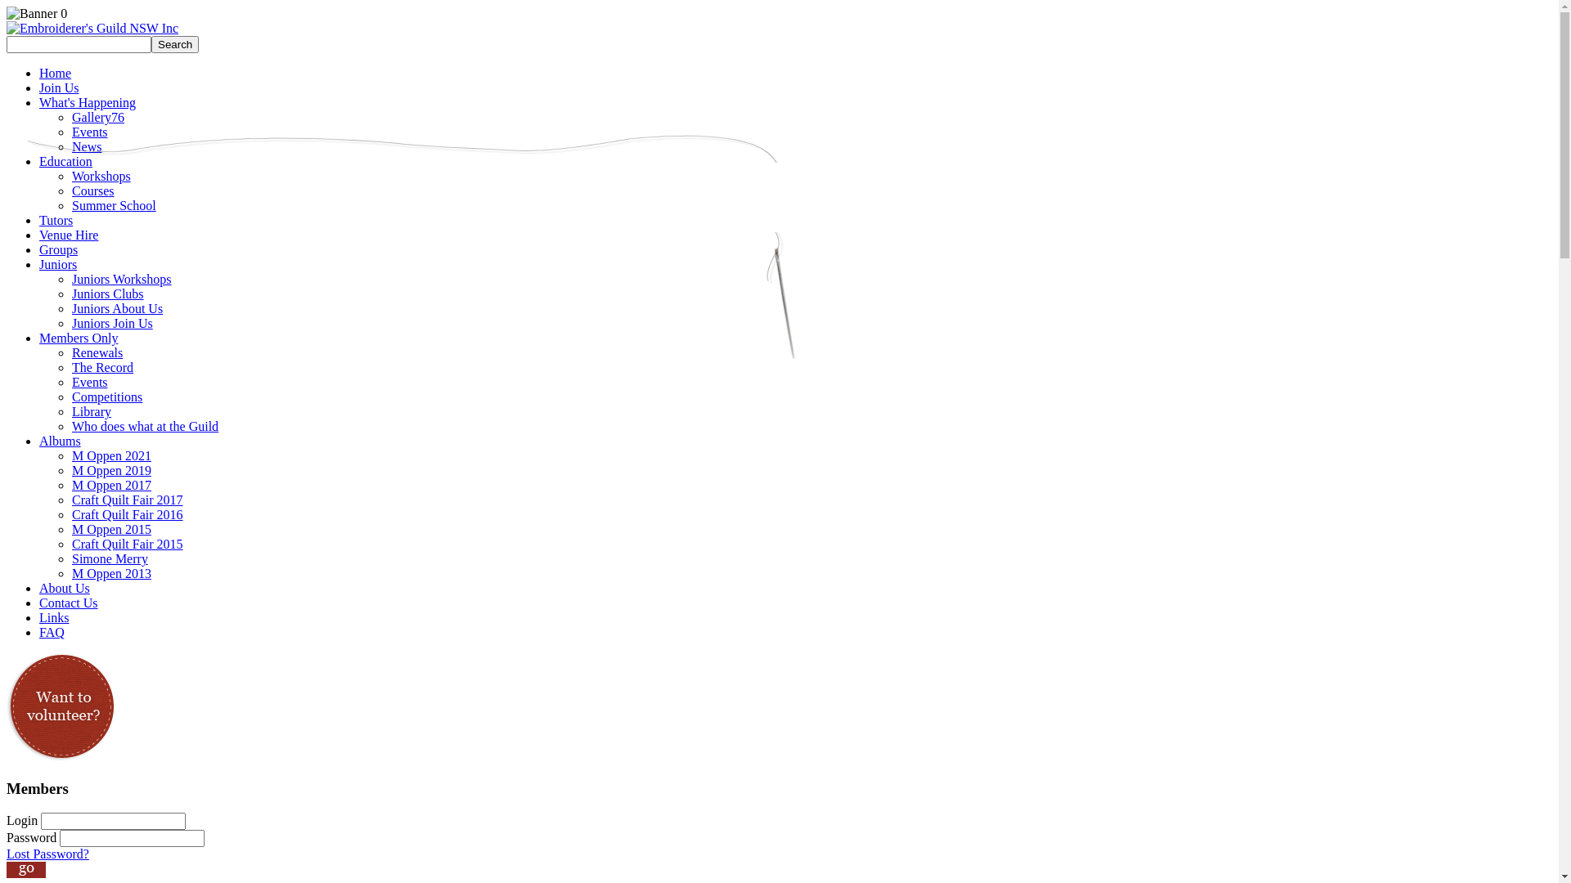 This screenshot has width=1571, height=883. Describe the element at coordinates (47, 853) in the screenshot. I see `'Lost Password?'` at that location.